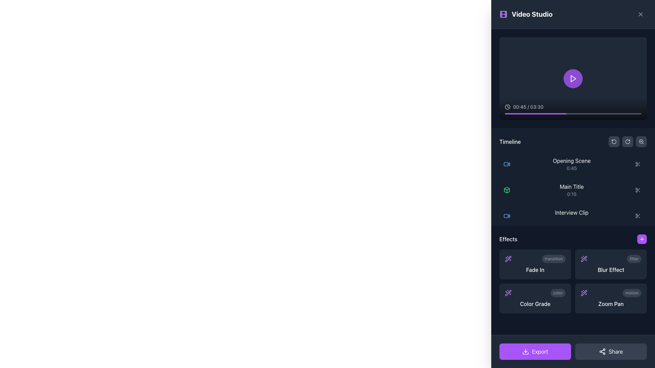 Image resolution: width=655 pixels, height=368 pixels. I want to click on the purple film strip icon located to the left of the 'Video Studio' text, so click(504, 14).